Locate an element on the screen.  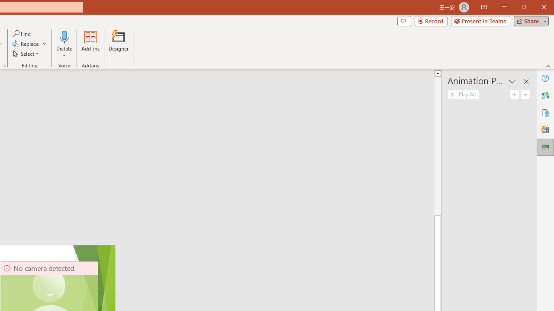
'Dictate' is located at coordinates (64, 44).